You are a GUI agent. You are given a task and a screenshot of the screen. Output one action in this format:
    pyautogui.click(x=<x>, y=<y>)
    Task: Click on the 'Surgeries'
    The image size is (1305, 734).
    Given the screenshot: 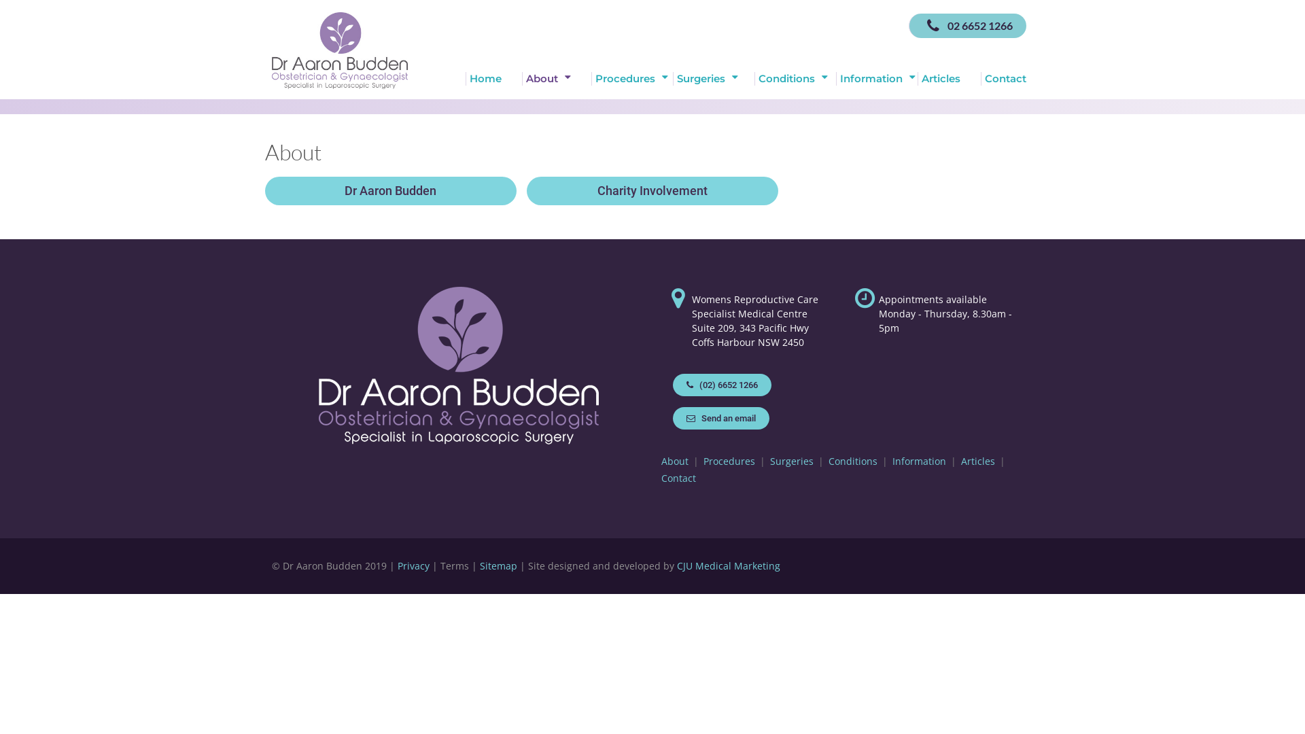 What is the action you would take?
    pyautogui.click(x=713, y=78)
    